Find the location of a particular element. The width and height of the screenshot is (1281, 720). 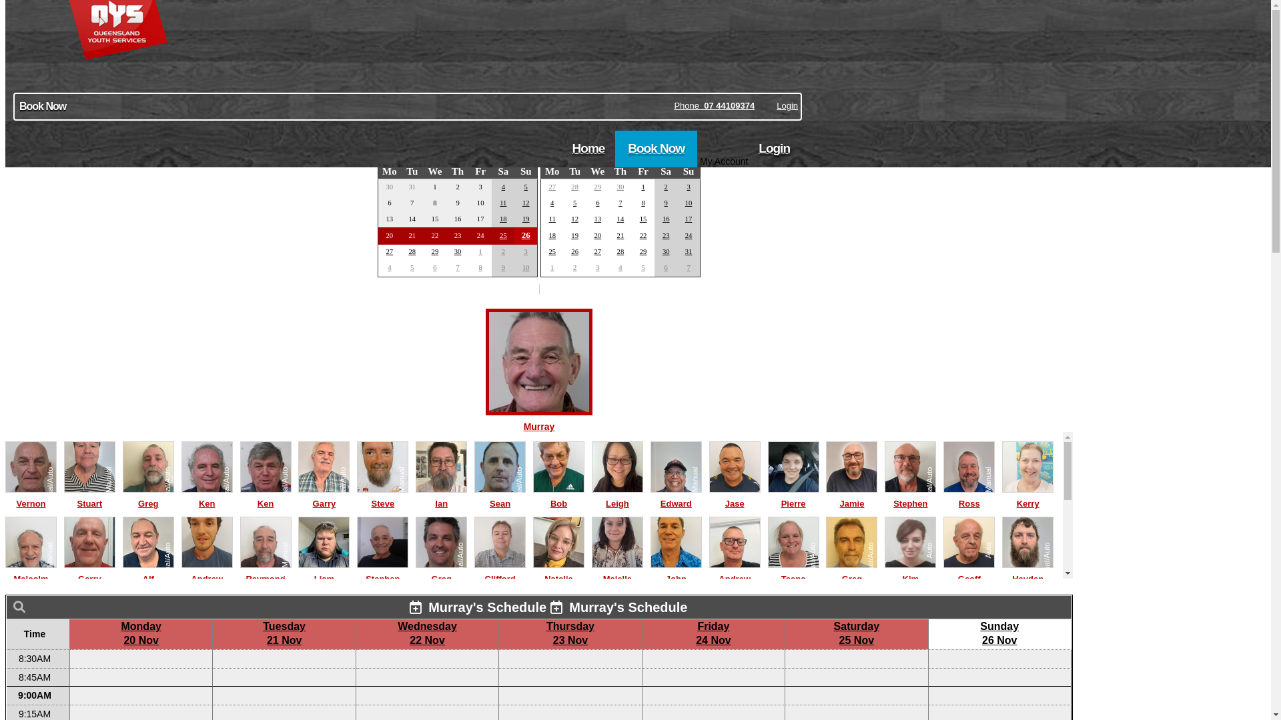

'Thursday is located at coordinates (570, 632).